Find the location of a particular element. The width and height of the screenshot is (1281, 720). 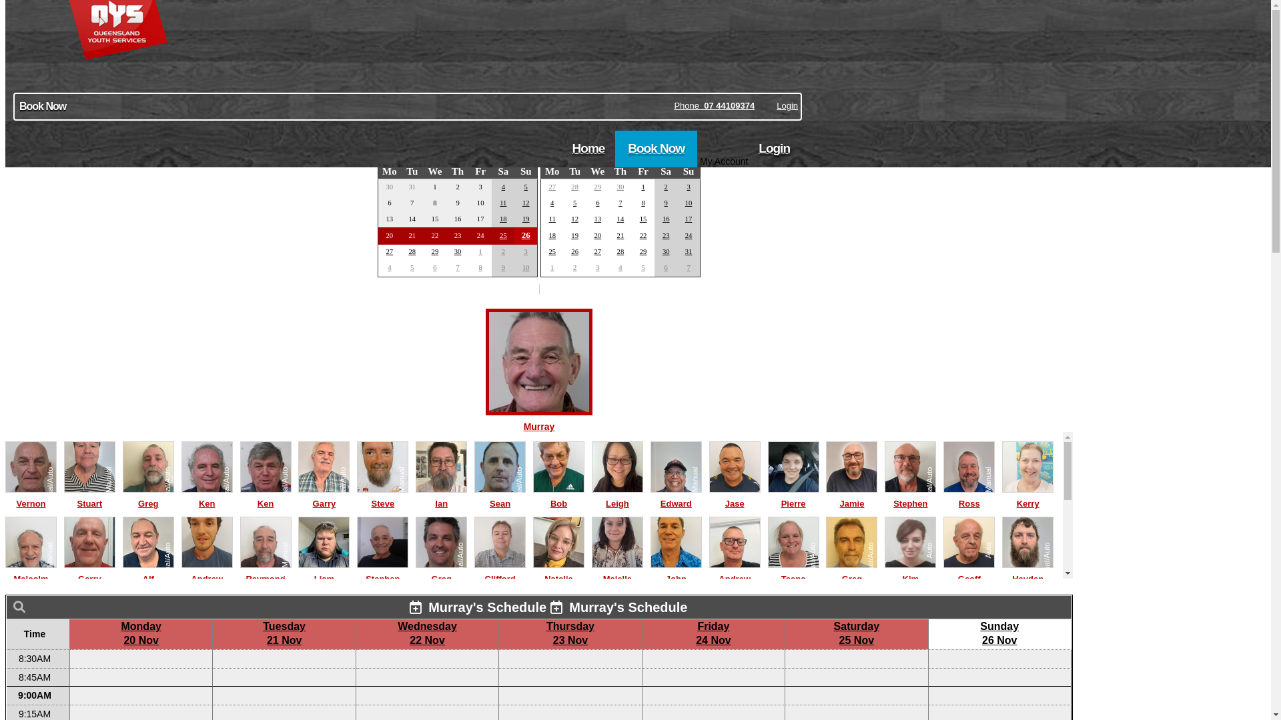

'Thursday is located at coordinates (570, 632).